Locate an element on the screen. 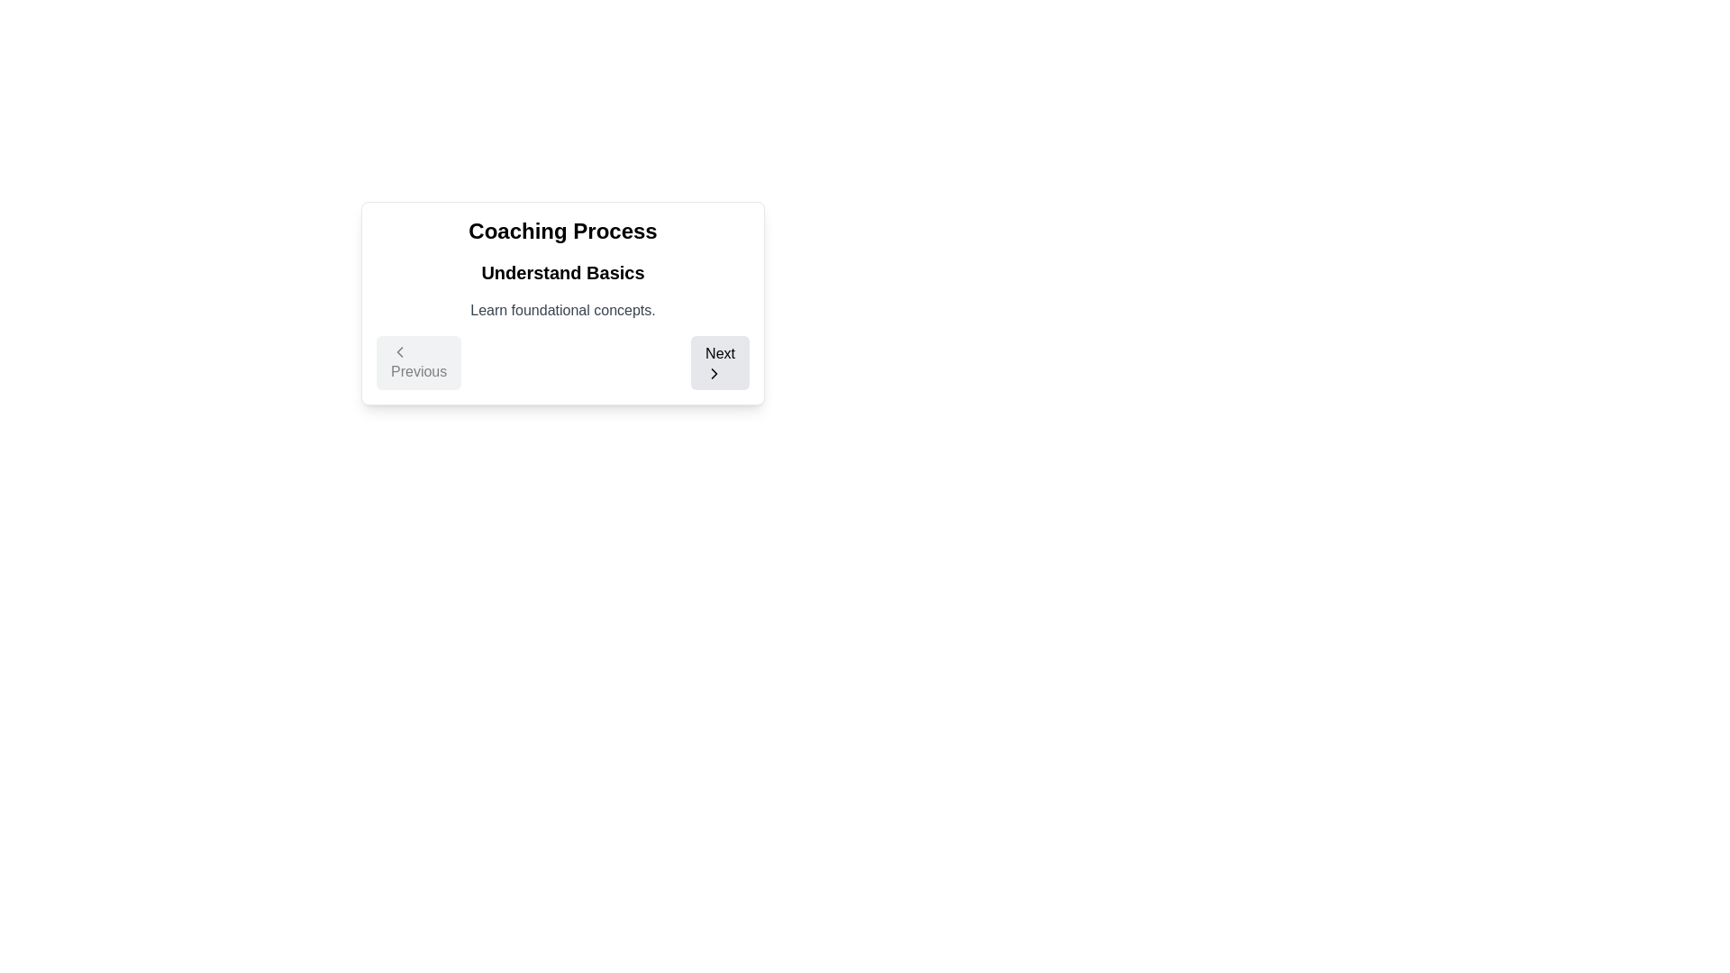  the rightward pointing chevron icon that represents the 'Next' button located at the bottom-right of the interface is located at coordinates (714, 373).